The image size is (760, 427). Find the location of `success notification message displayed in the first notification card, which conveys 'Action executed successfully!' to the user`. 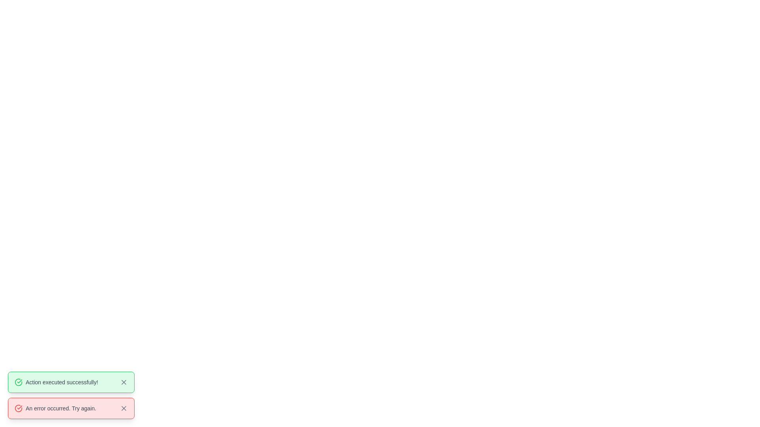

success notification message displayed in the first notification card, which conveys 'Action executed successfully!' to the user is located at coordinates (71, 382).